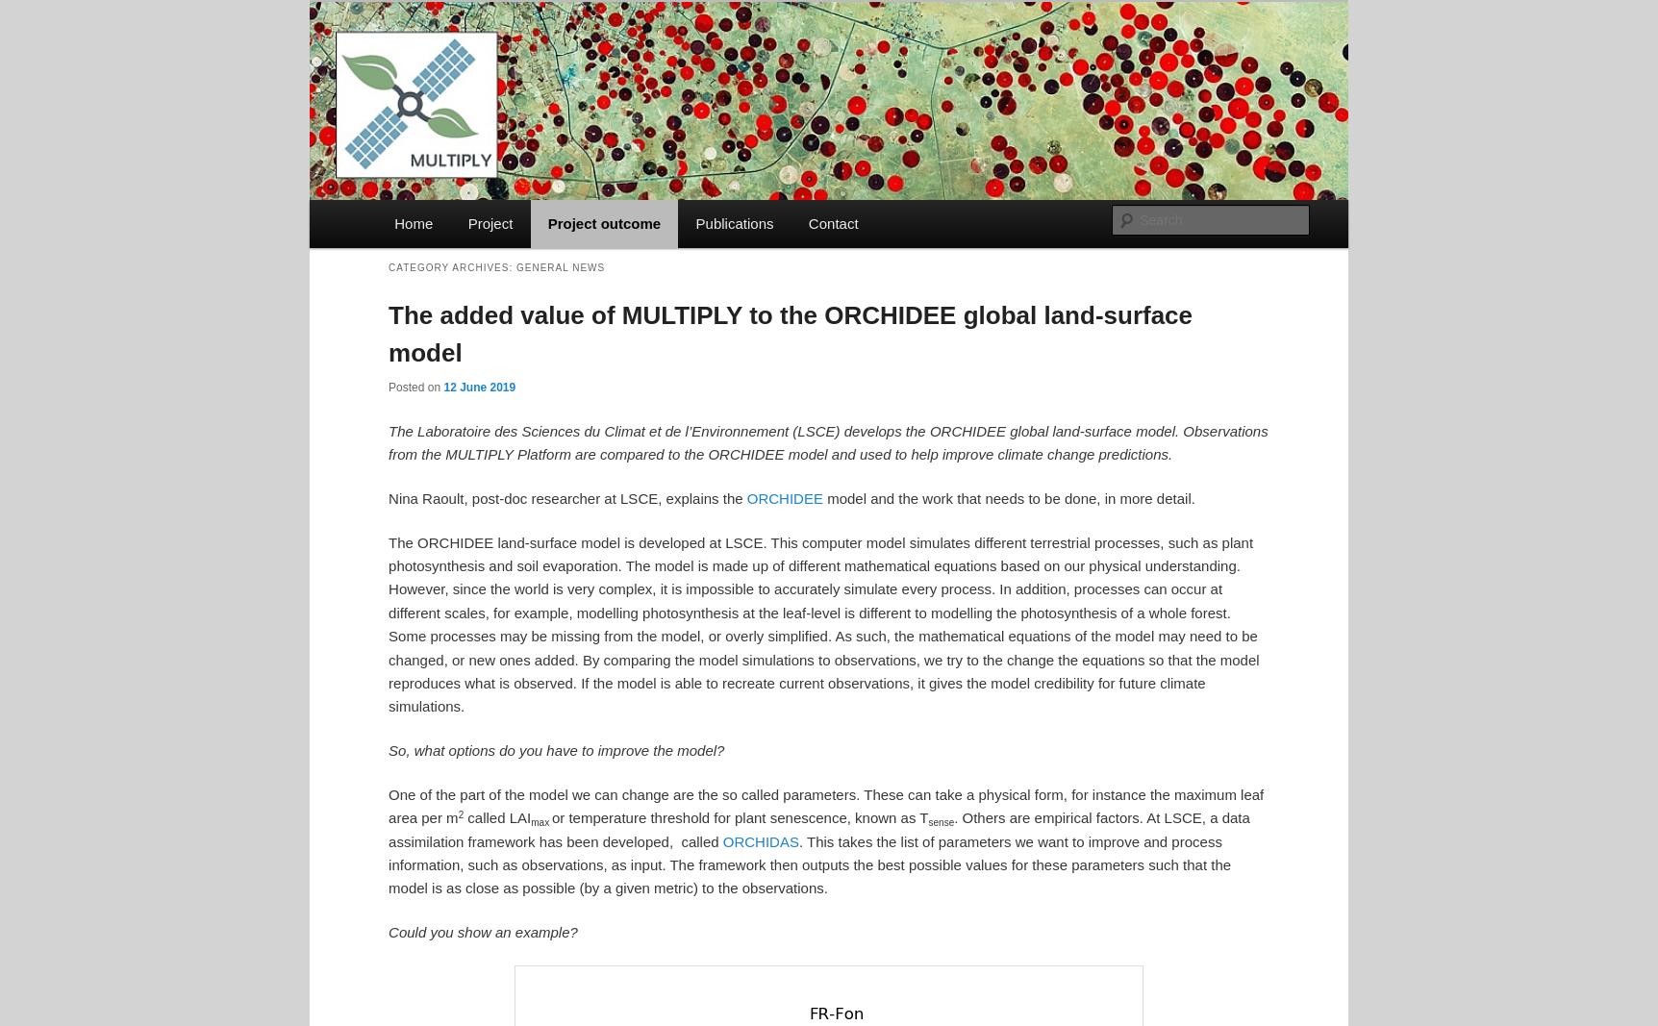 Image resolution: width=1658 pixels, height=1026 pixels. I want to click on 'The added value of MULTIPLY to the ORCHIDEE global land-surface model', so click(790, 333).